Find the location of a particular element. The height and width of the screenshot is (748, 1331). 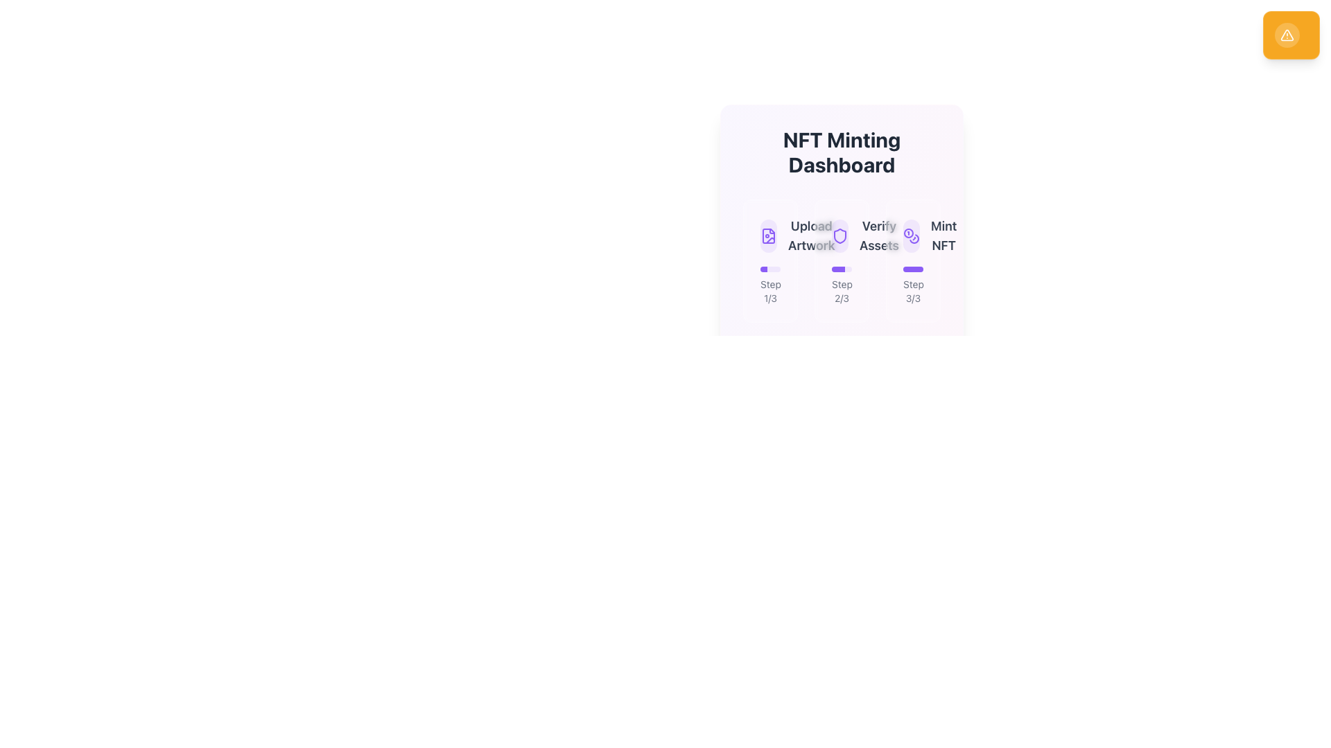

the Informational Card labeled 'Verify Assets' which features a violet-themed shield icon and is positioned in the center of a grid layout is located at coordinates (841, 261).